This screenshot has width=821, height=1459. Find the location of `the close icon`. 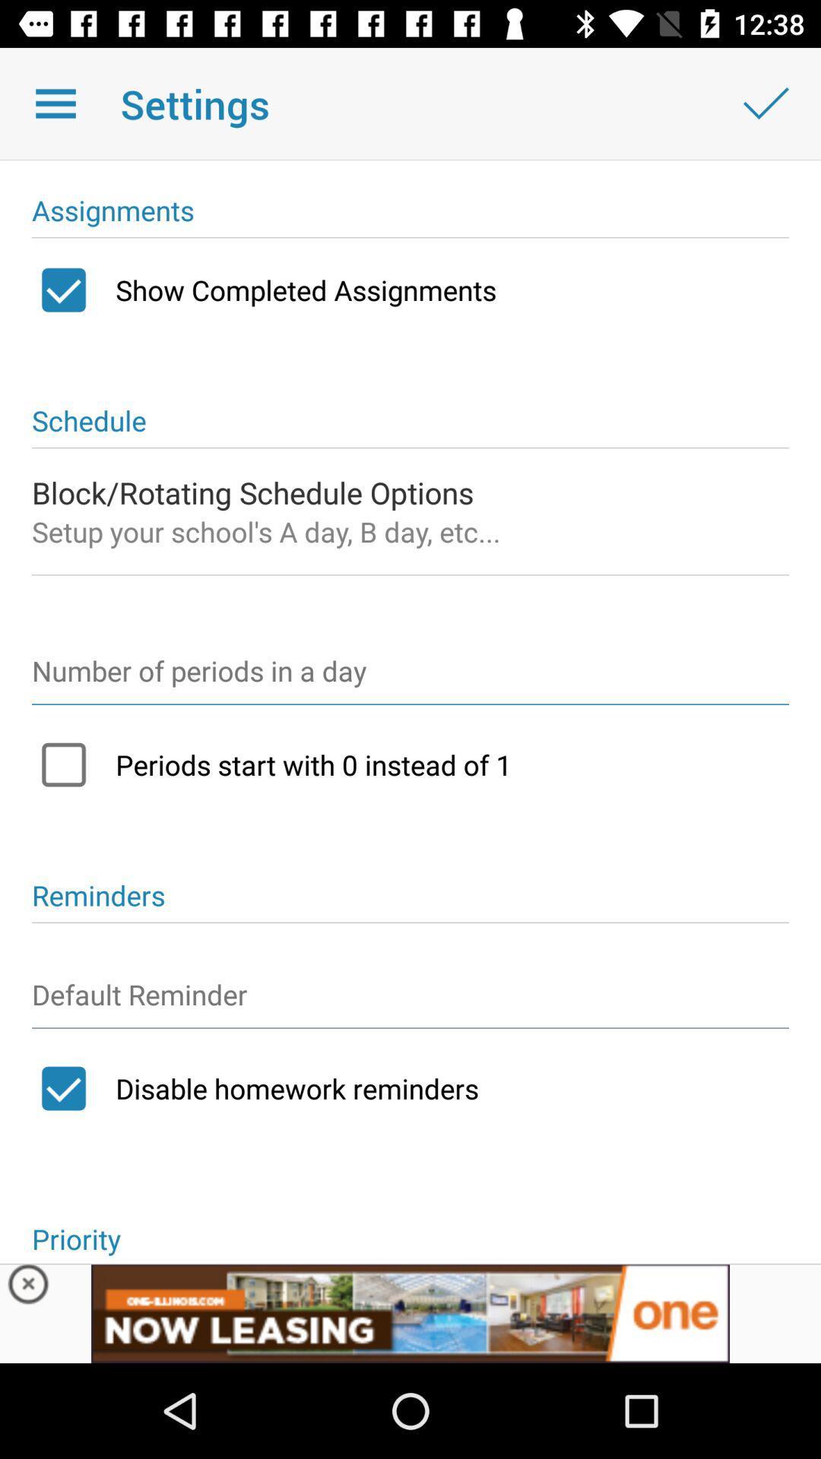

the close icon is located at coordinates (28, 1287).